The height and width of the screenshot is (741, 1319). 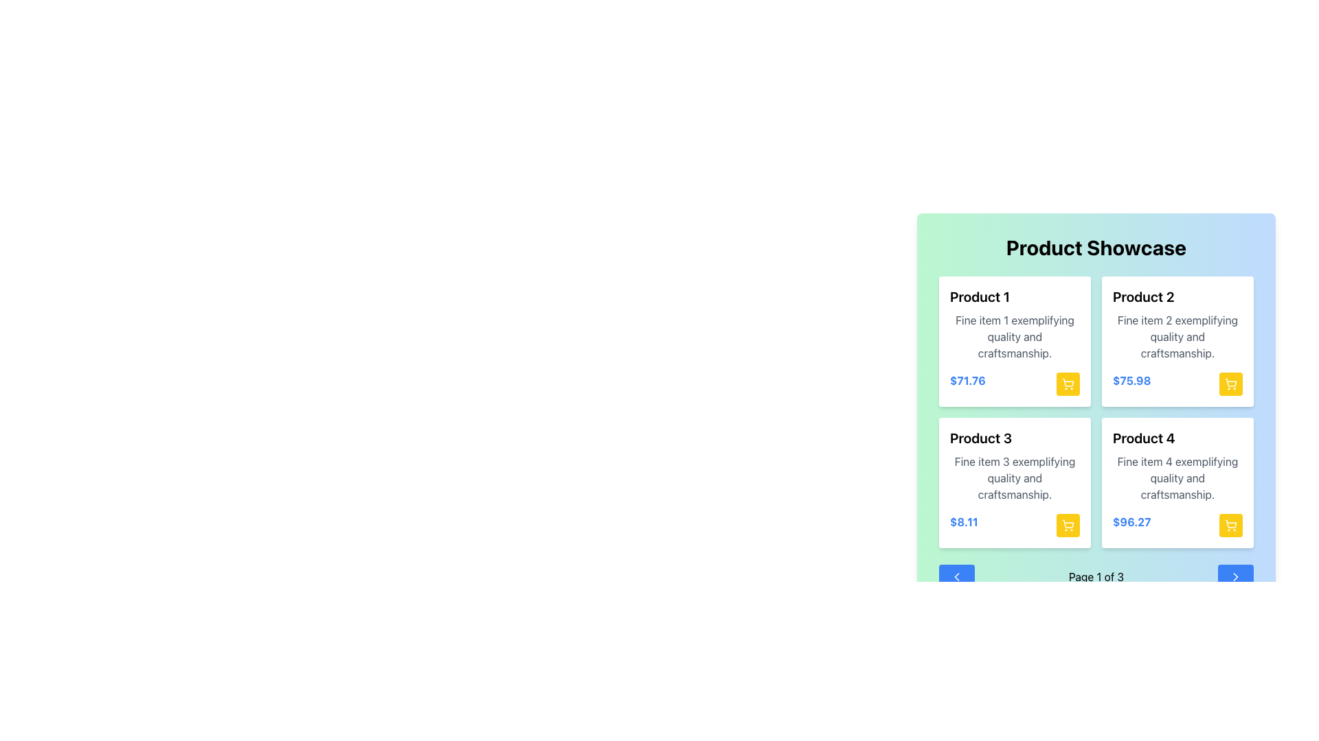 I want to click on the shopping cart icon associated with Product 4, so click(x=1231, y=524).